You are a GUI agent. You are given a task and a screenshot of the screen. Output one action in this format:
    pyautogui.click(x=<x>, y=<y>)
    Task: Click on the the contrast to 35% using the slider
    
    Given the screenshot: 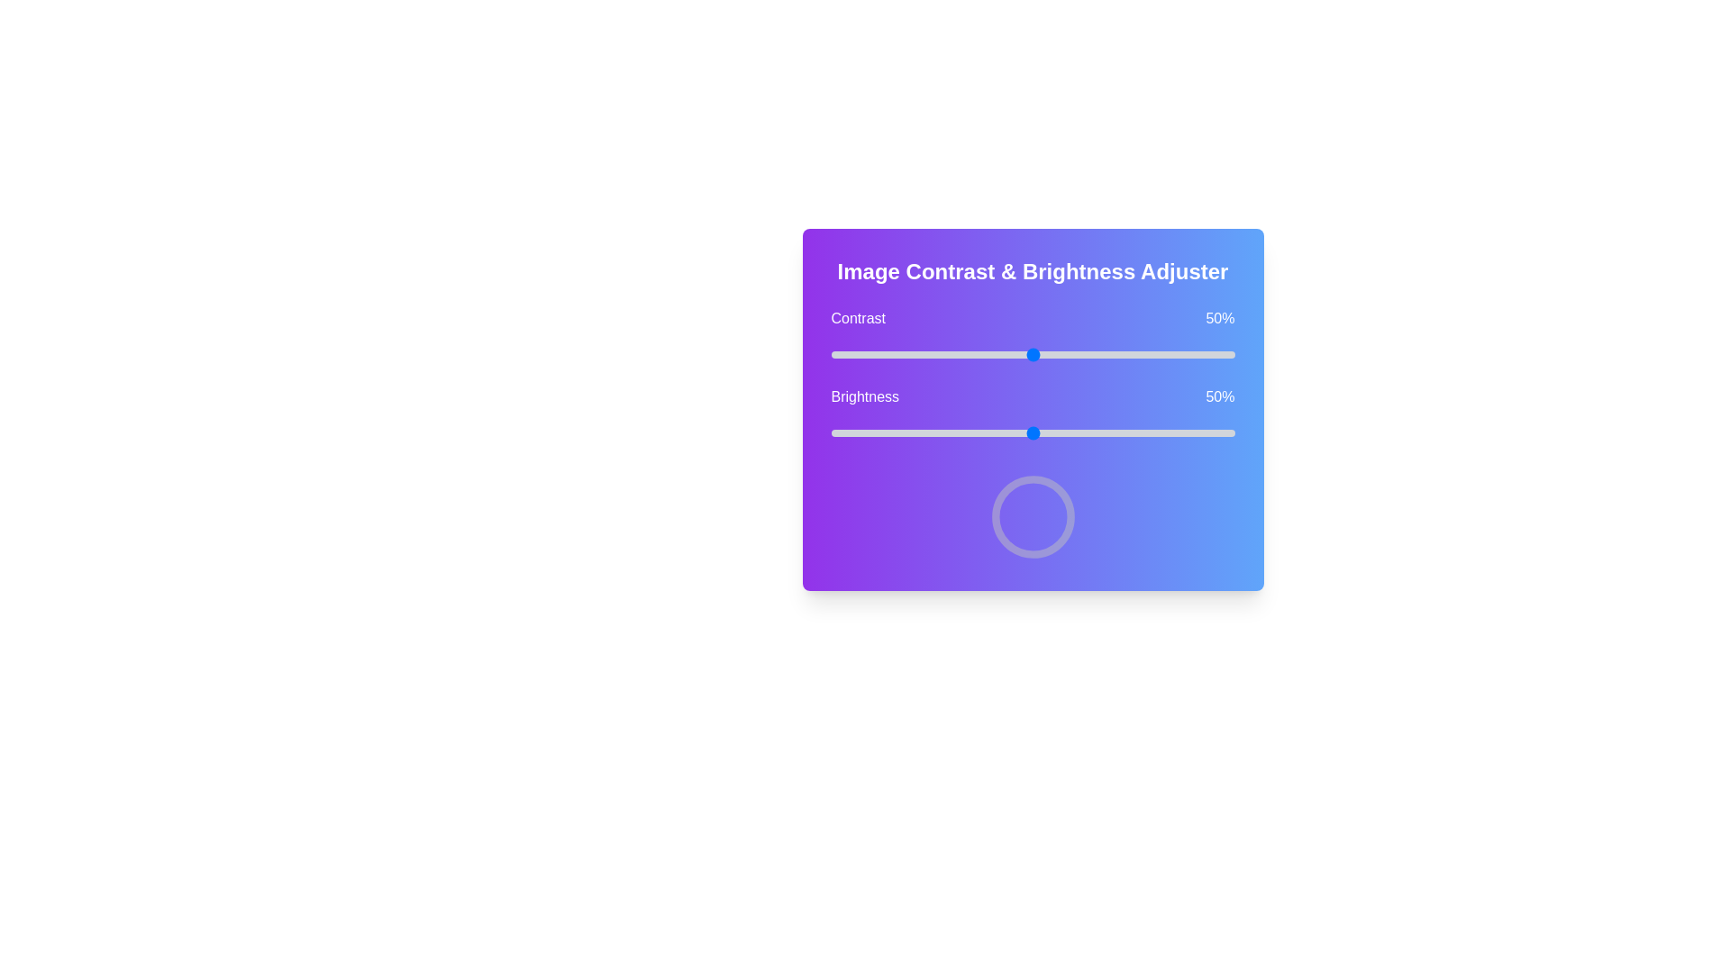 What is the action you would take?
    pyautogui.click(x=971, y=354)
    